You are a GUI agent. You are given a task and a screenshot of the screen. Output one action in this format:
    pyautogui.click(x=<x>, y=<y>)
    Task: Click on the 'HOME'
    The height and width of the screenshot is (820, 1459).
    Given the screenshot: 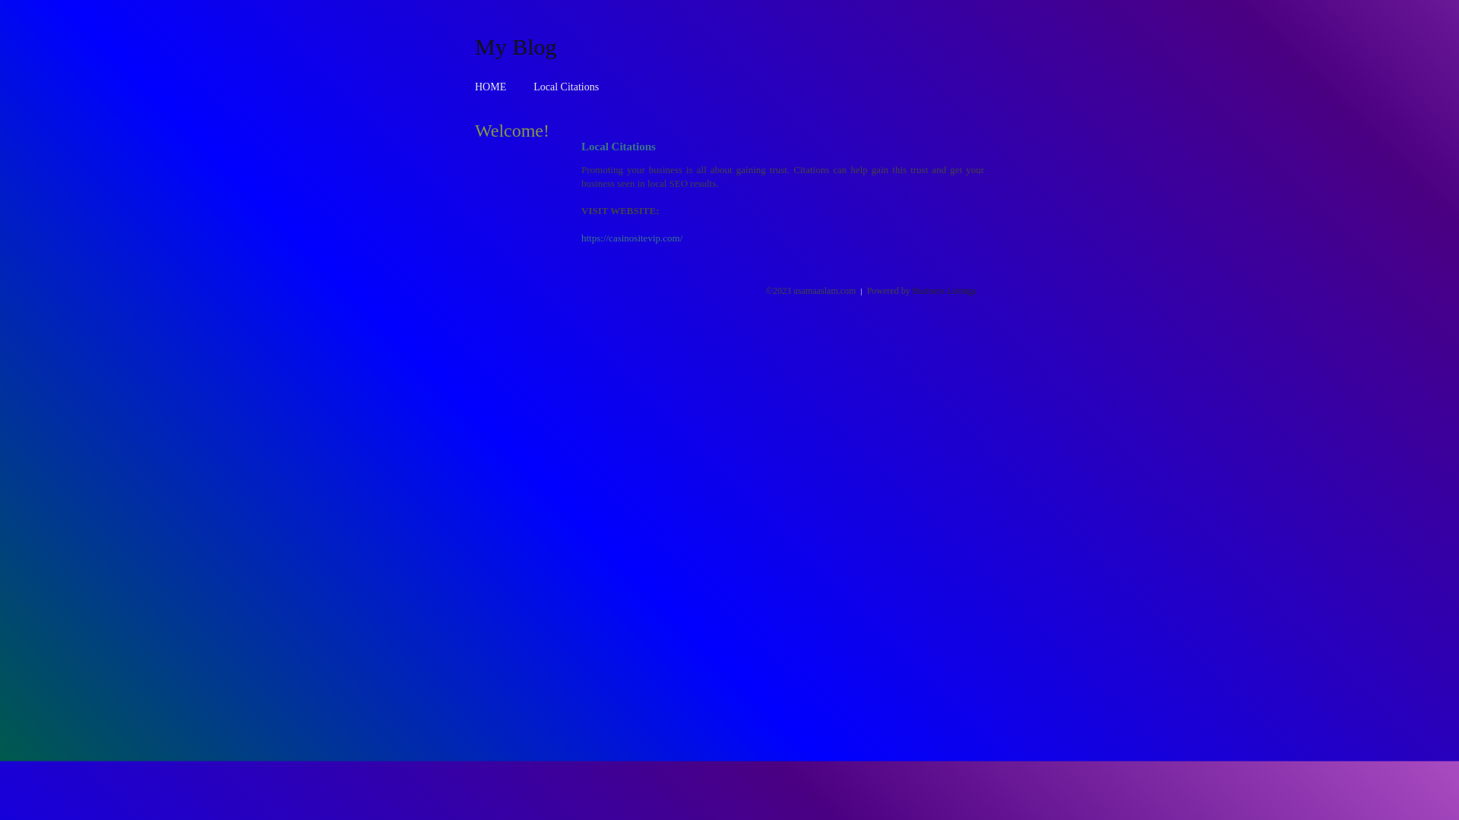 What is the action you would take?
    pyautogui.click(x=490, y=87)
    